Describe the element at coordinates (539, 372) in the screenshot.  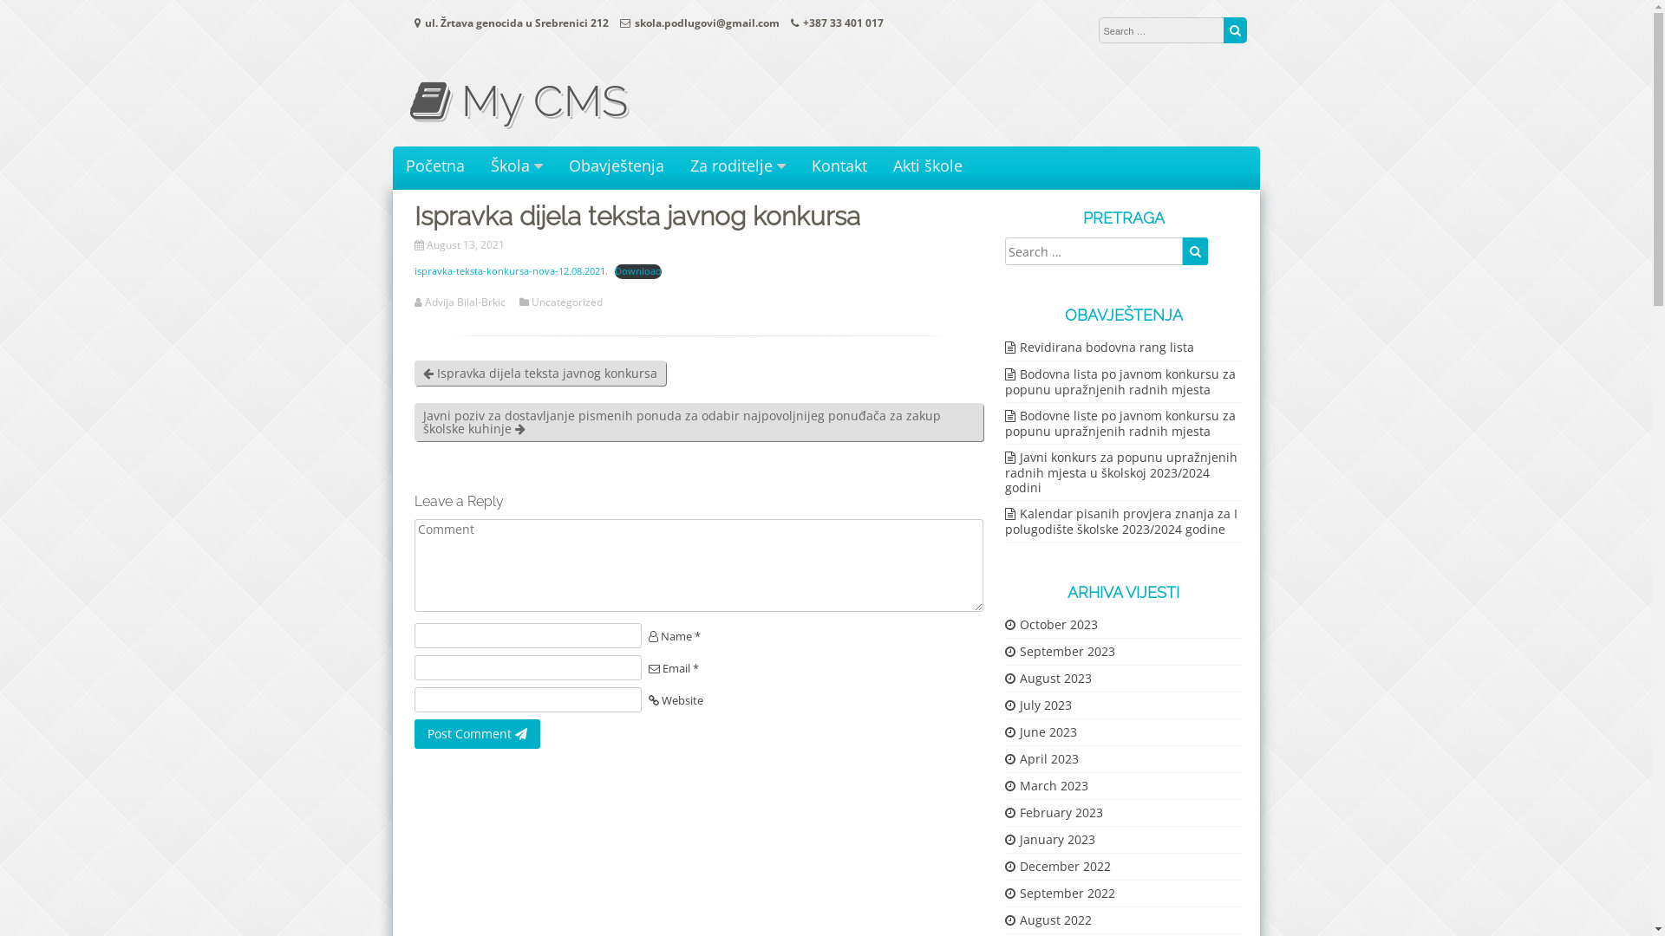
I see `'Ispravka dijela teksta javnog konkursa'` at that location.